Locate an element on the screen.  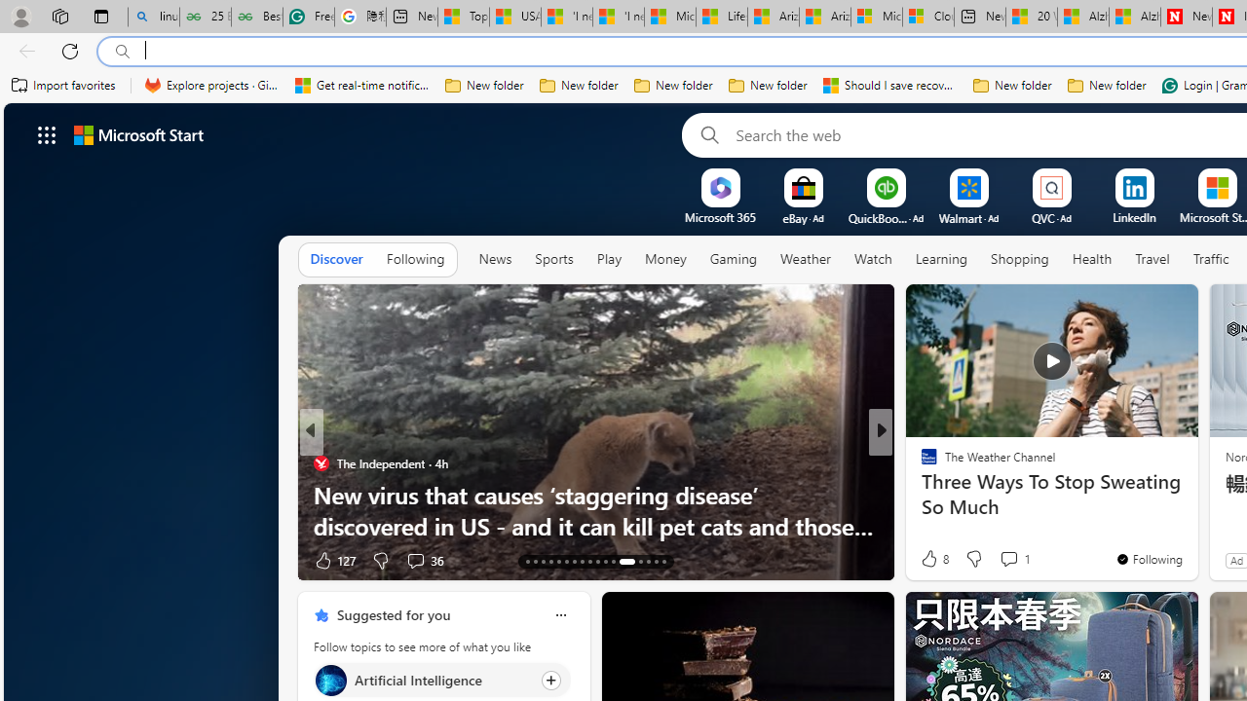
'View comments 10 Comment' is located at coordinates (1014, 560).